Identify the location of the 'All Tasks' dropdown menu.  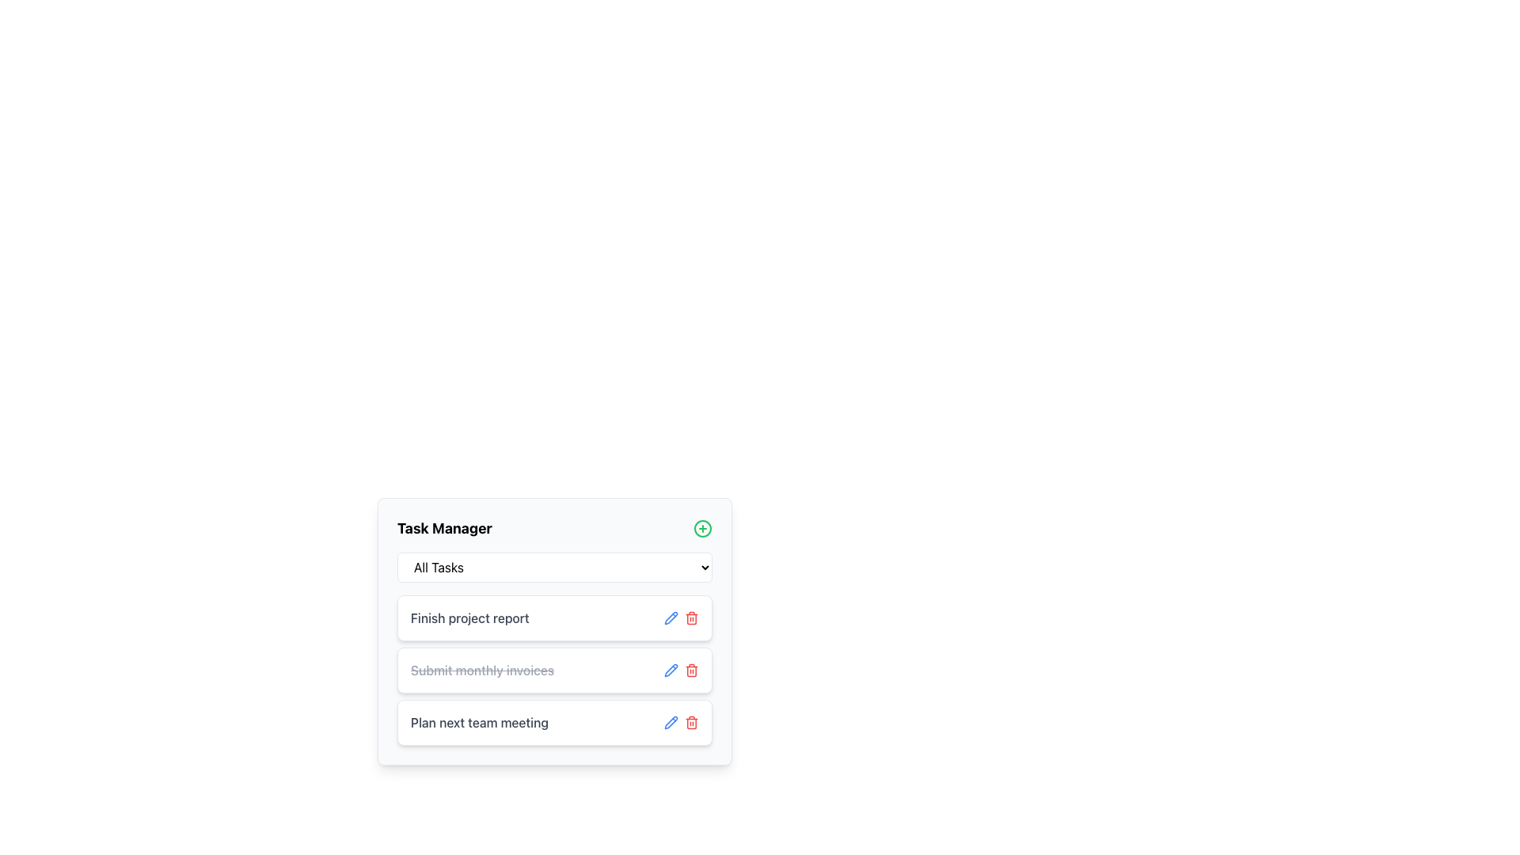
(554, 567).